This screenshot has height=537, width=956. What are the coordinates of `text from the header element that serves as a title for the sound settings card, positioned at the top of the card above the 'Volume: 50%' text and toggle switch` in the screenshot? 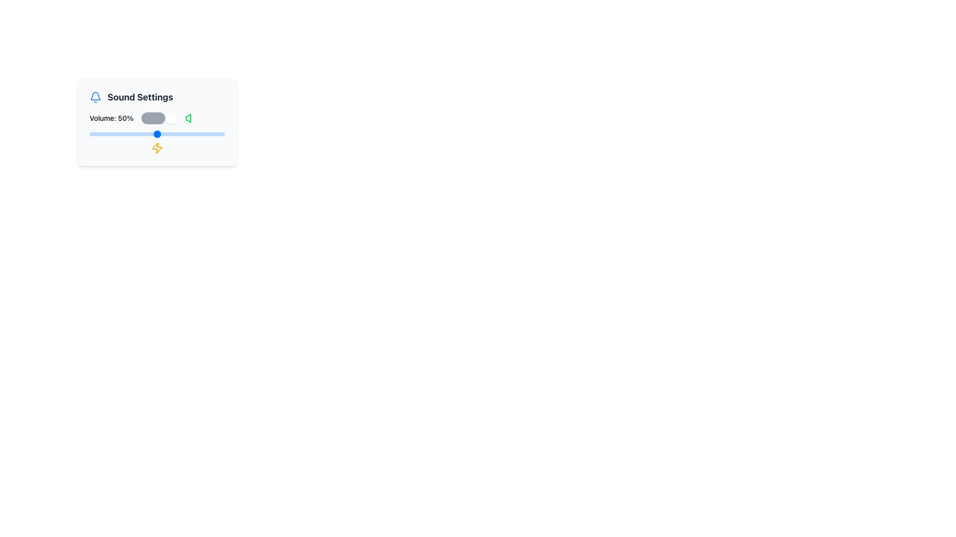 It's located at (157, 97).